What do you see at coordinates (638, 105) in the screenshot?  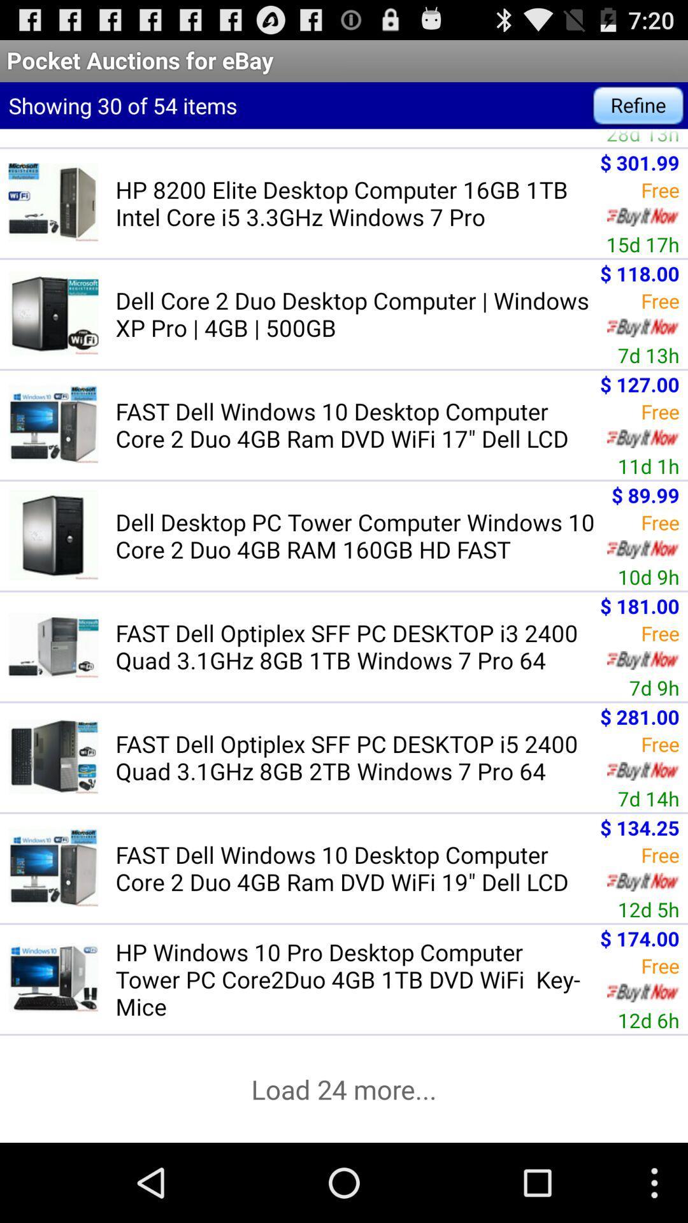 I see `the icon above the hp elite 8200` at bounding box center [638, 105].